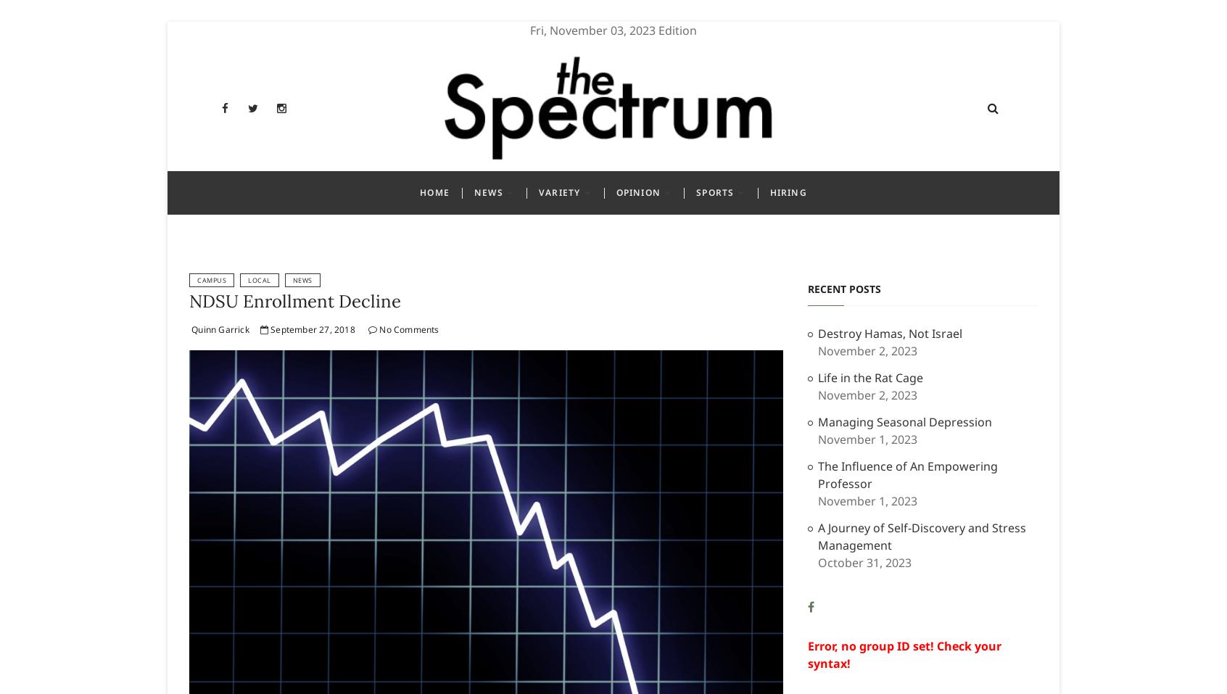 This screenshot has height=694, width=1227. I want to click on 'The Influence of An Empowering Professor', so click(818, 474).